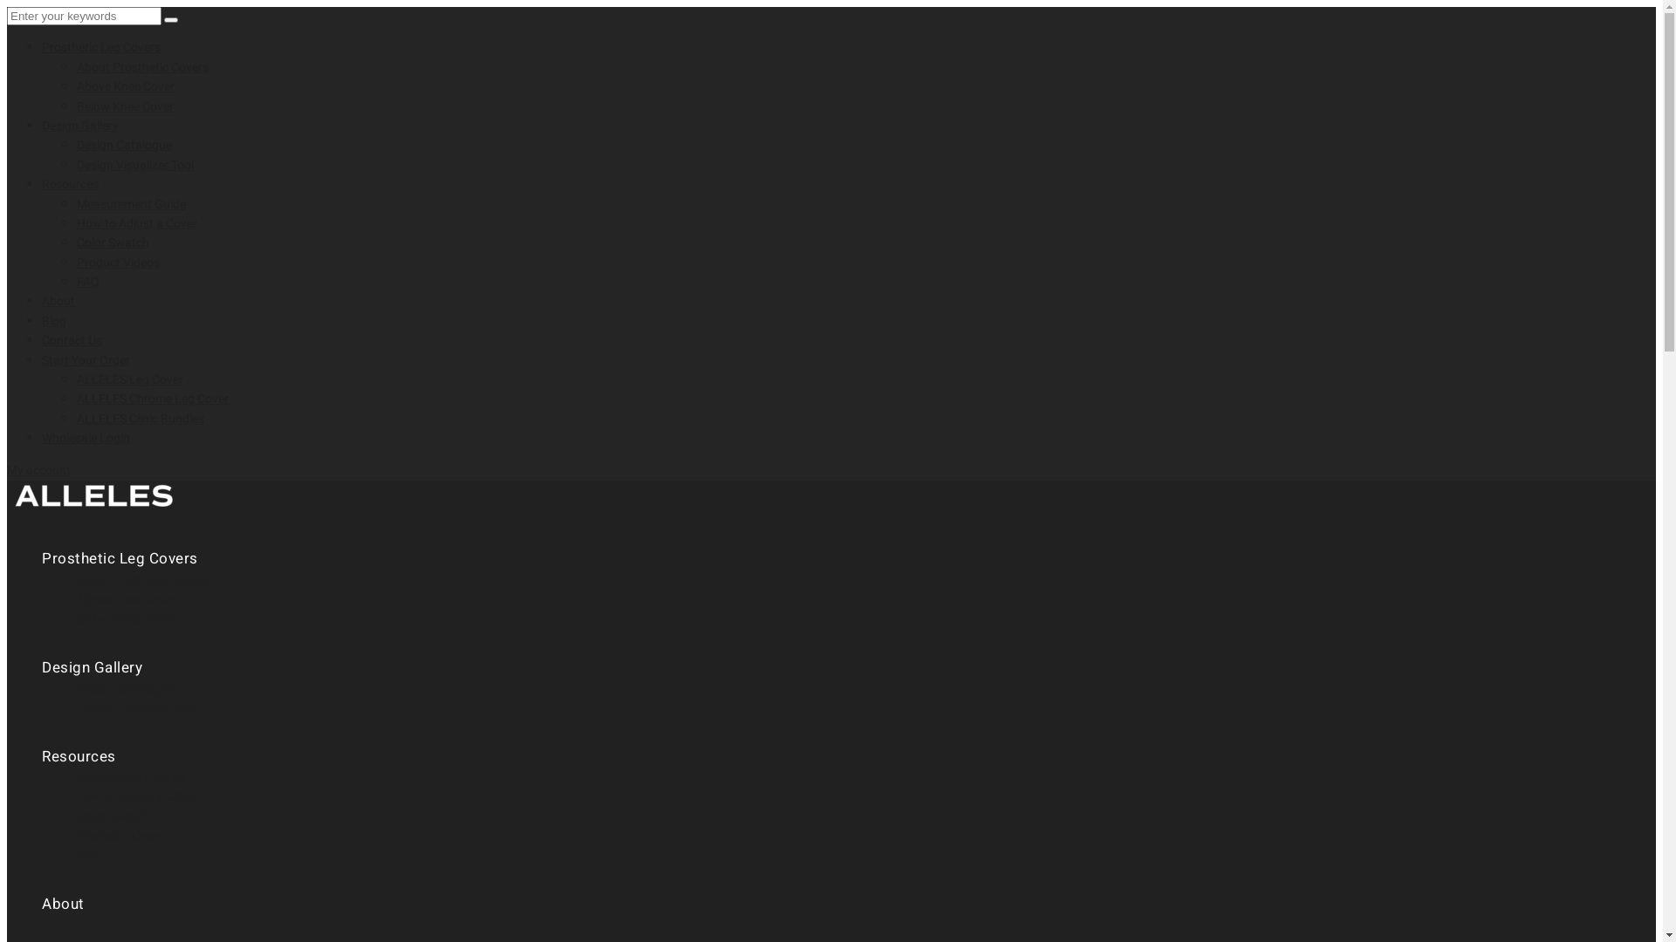  What do you see at coordinates (134, 165) in the screenshot?
I see `'Design Visualizer Tool'` at bounding box center [134, 165].